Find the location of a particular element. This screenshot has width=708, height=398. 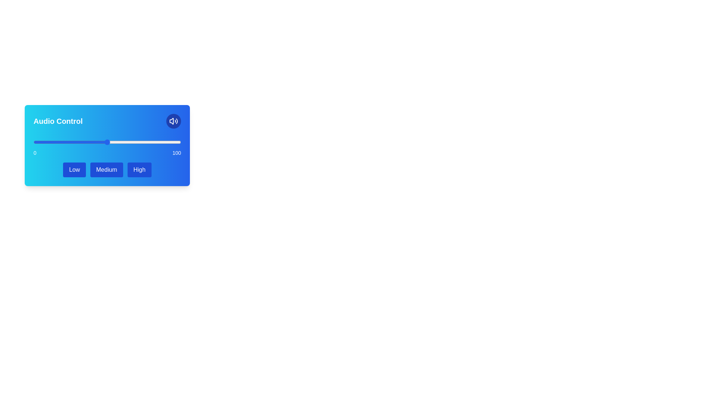

the handle of the Range slider located within the 'Audio Control' box, which allows users to select a value from 0 to 100 is located at coordinates (107, 147).